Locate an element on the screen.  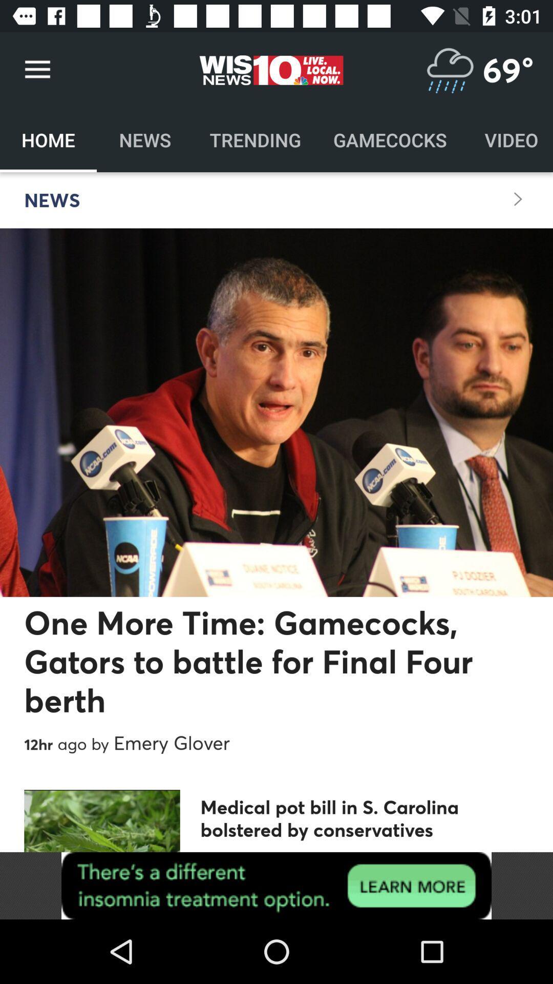
the icon which is before 69 degree is located at coordinates (450, 69).